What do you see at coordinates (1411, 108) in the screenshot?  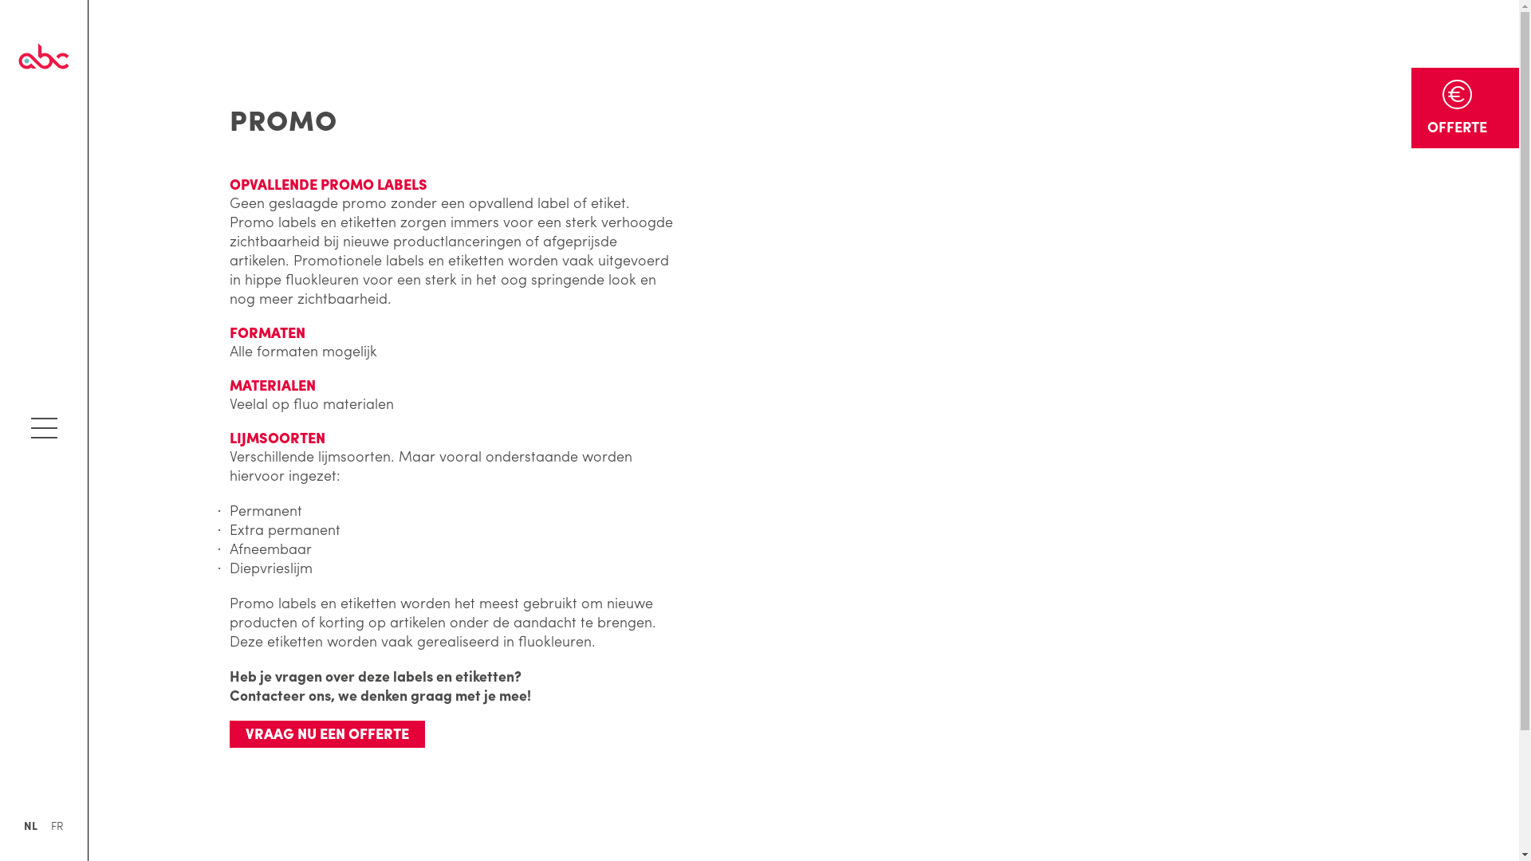 I see `'OFFERTE'` at bounding box center [1411, 108].